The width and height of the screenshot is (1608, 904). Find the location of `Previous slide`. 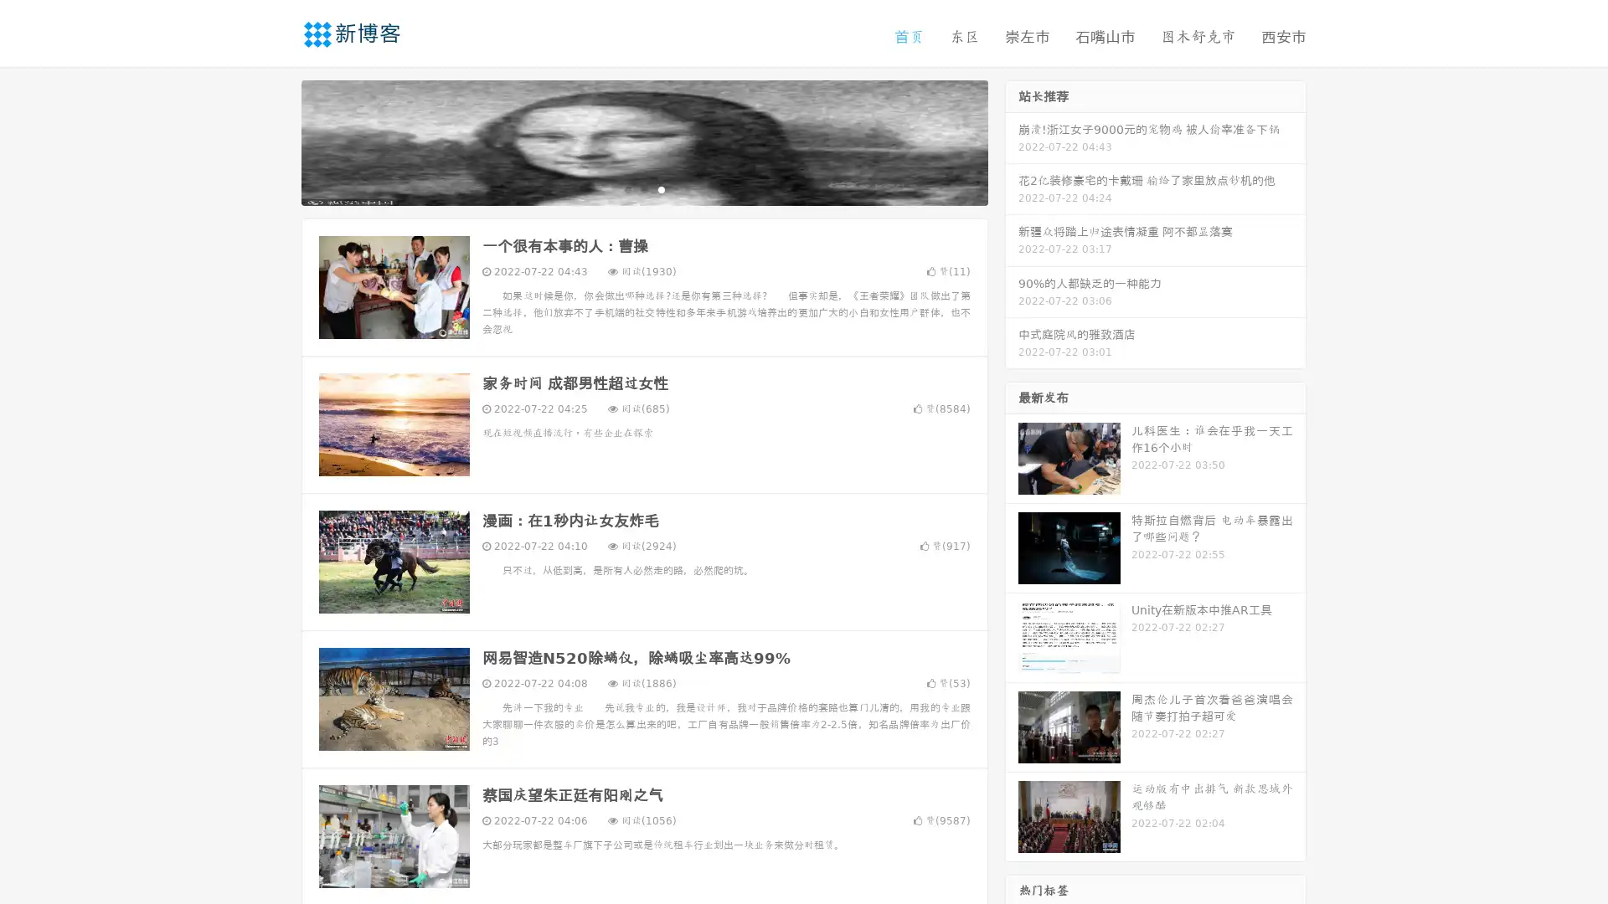

Previous slide is located at coordinates (276, 141).